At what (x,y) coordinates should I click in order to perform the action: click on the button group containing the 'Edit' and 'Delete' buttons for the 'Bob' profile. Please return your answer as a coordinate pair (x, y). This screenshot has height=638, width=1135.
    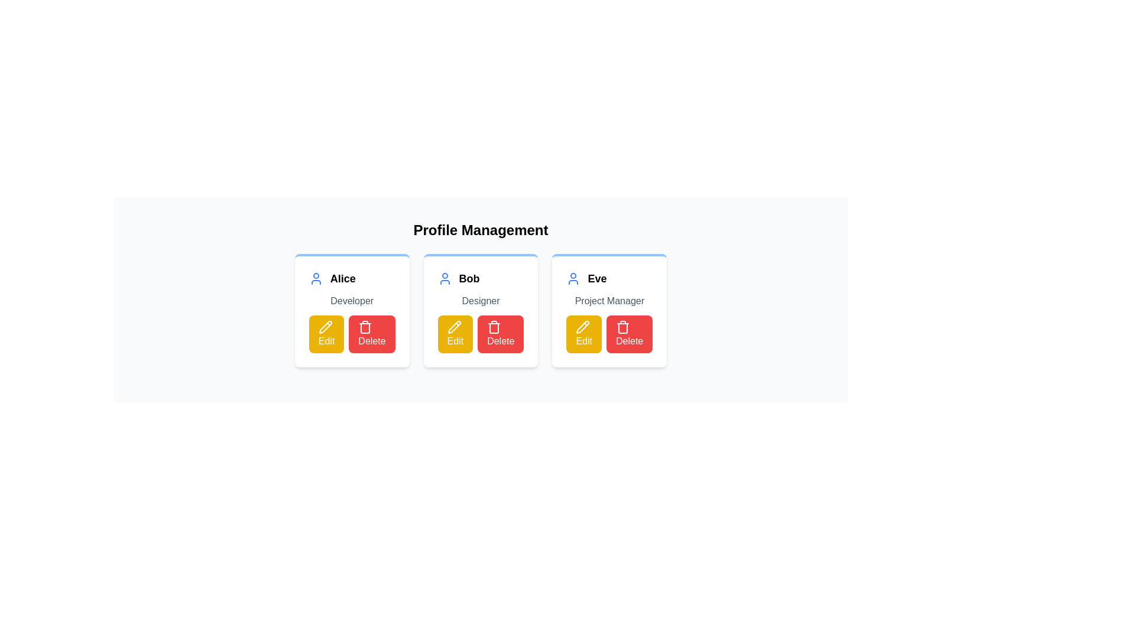
    Looking at the image, I should click on (481, 334).